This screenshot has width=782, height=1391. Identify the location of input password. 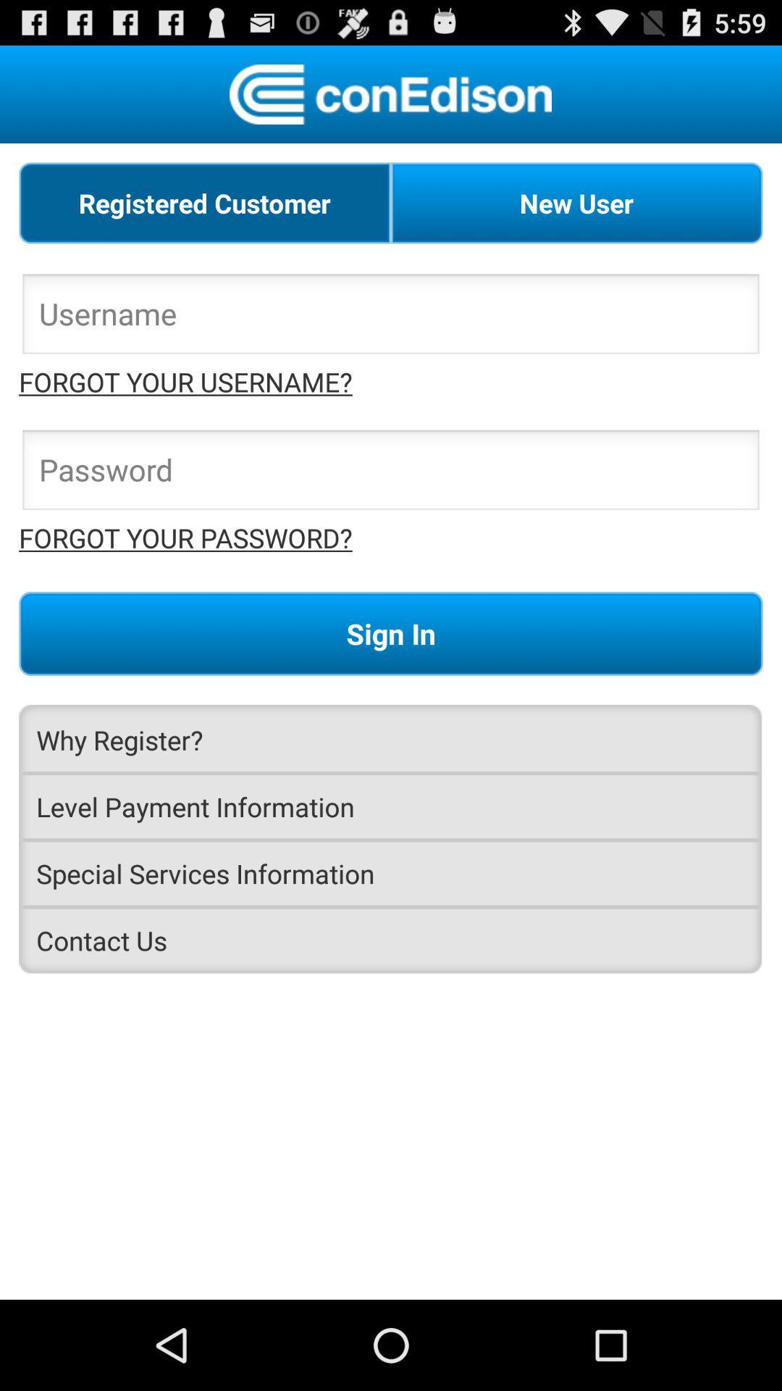
(391, 474).